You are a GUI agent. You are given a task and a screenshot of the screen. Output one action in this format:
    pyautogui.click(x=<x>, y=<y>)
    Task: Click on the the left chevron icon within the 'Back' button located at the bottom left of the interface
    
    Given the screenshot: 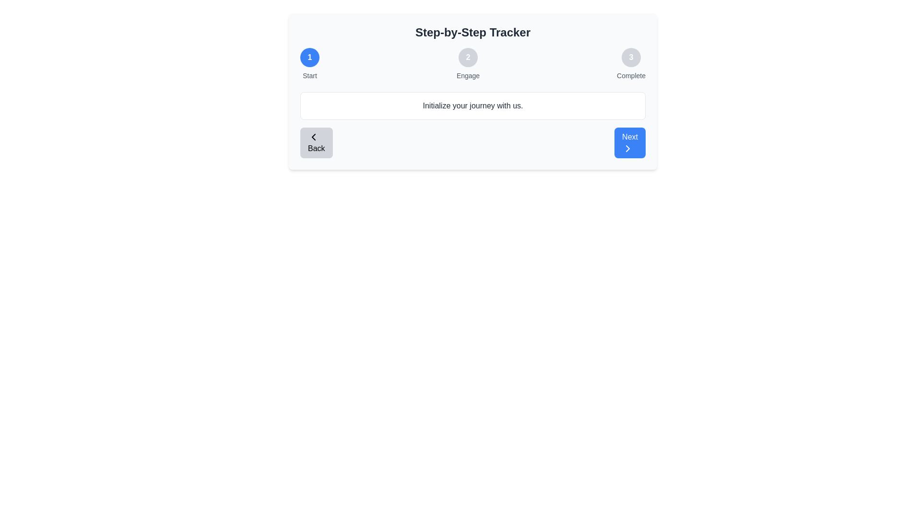 What is the action you would take?
    pyautogui.click(x=313, y=137)
    